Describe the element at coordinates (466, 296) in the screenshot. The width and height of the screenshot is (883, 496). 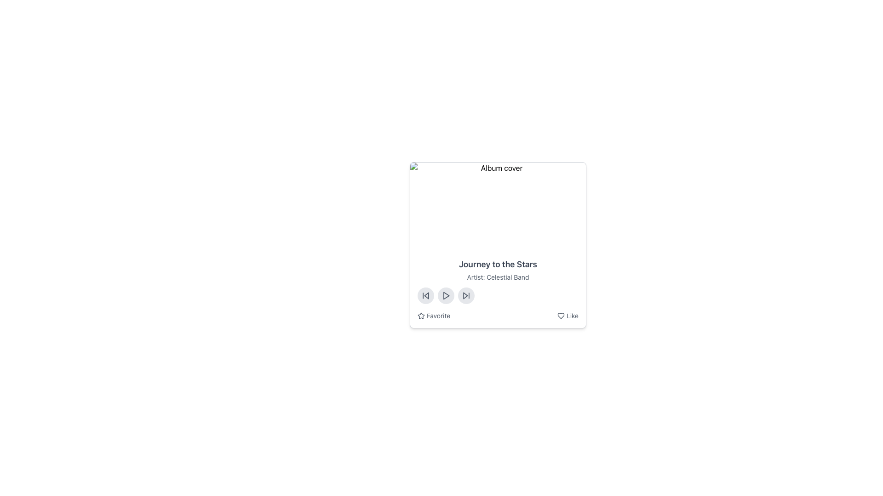
I see `the rightmost circular gray button with a 'skip forward' icon to skip forward` at that location.